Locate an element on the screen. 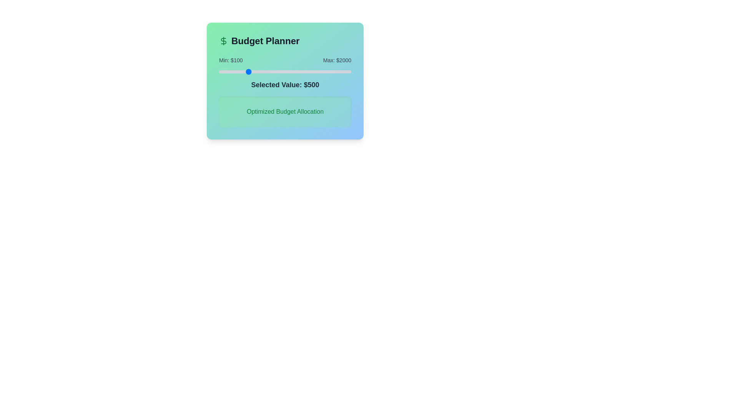 Image resolution: width=738 pixels, height=415 pixels. the slider to the desired value 696 is located at coordinates (260, 71).